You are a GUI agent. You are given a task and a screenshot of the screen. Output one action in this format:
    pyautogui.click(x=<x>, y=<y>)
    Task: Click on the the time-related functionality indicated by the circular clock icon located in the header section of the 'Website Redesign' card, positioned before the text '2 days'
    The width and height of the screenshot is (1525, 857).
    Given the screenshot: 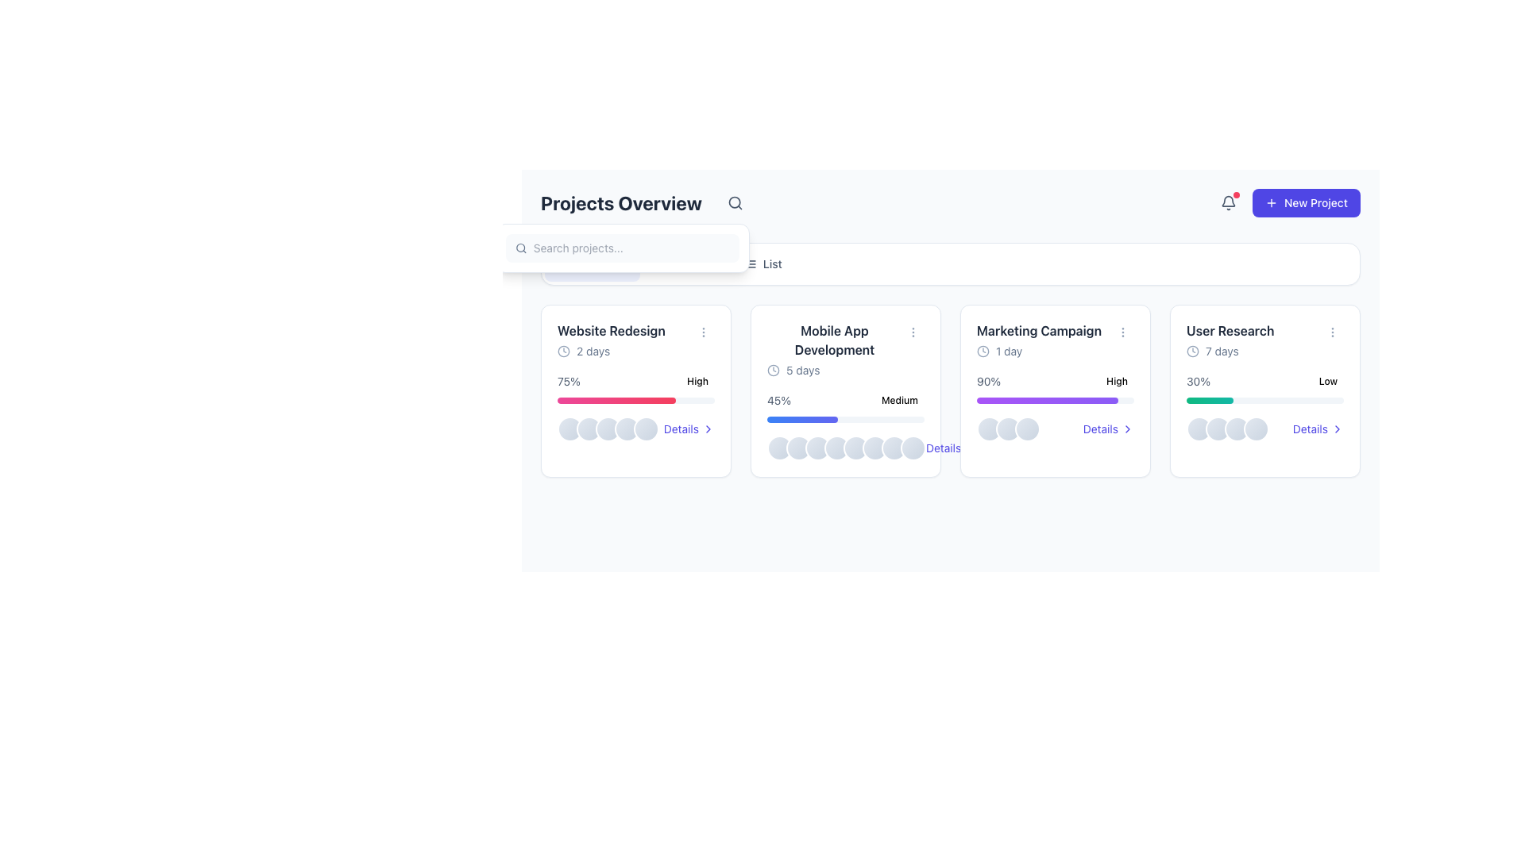 What is the action you would take?
    pyautogui.click(x=564, y=351)
    